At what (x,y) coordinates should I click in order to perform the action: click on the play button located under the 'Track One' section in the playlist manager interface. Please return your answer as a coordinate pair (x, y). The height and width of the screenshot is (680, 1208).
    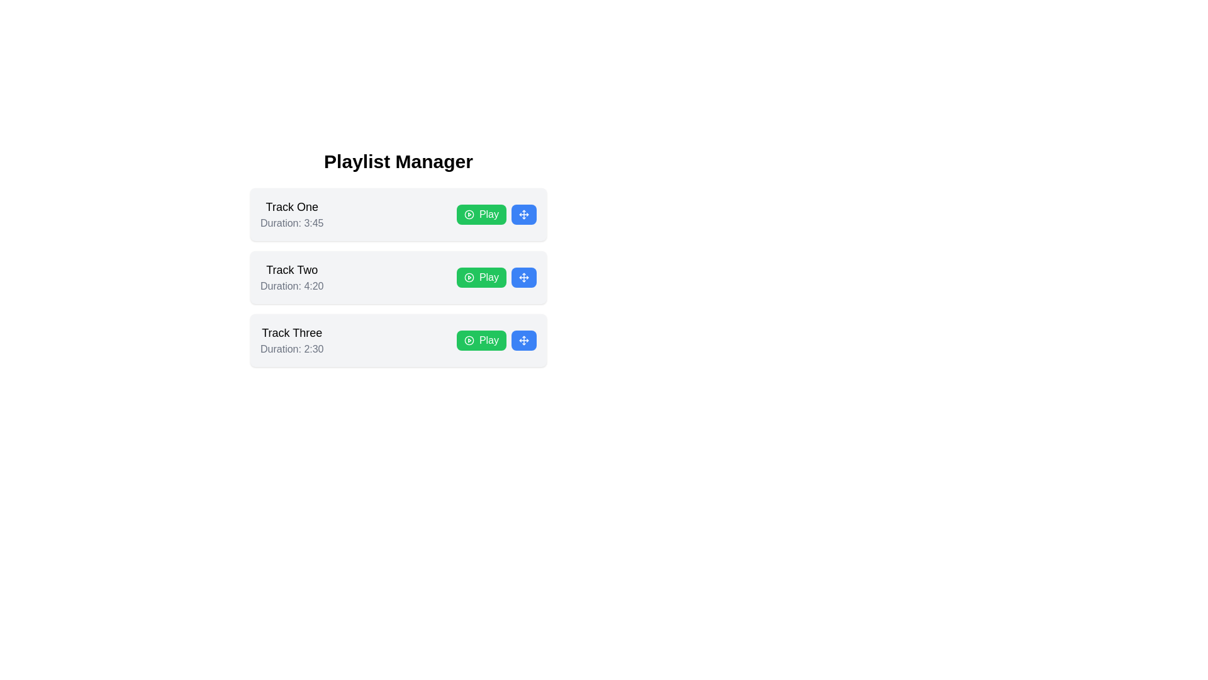
    Looking at the image, I should click on (481, 213).